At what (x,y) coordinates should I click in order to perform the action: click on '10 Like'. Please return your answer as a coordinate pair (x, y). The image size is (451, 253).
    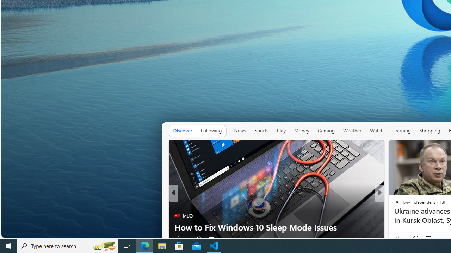
    Looking at the image, I should click on (397, 239).